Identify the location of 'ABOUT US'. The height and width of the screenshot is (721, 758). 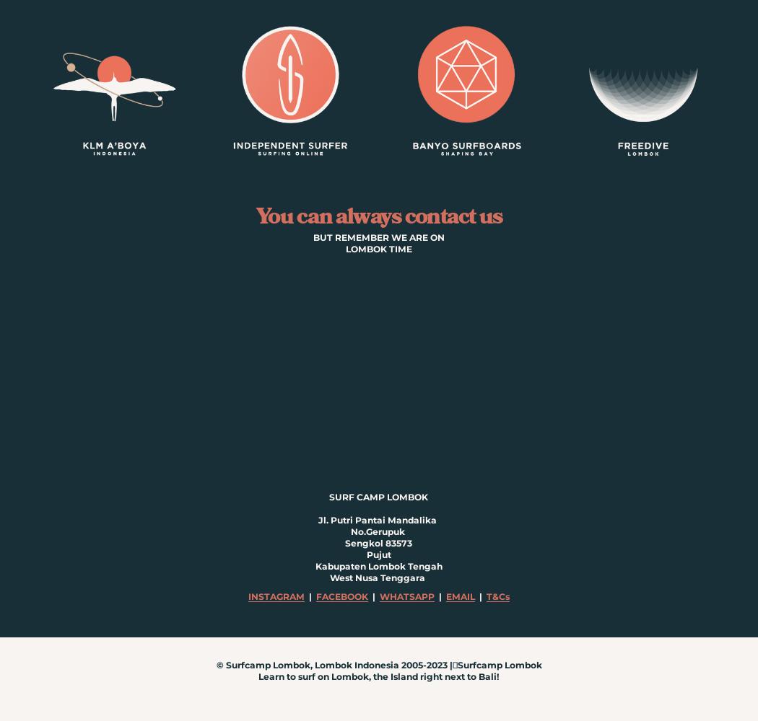
(378, 29).